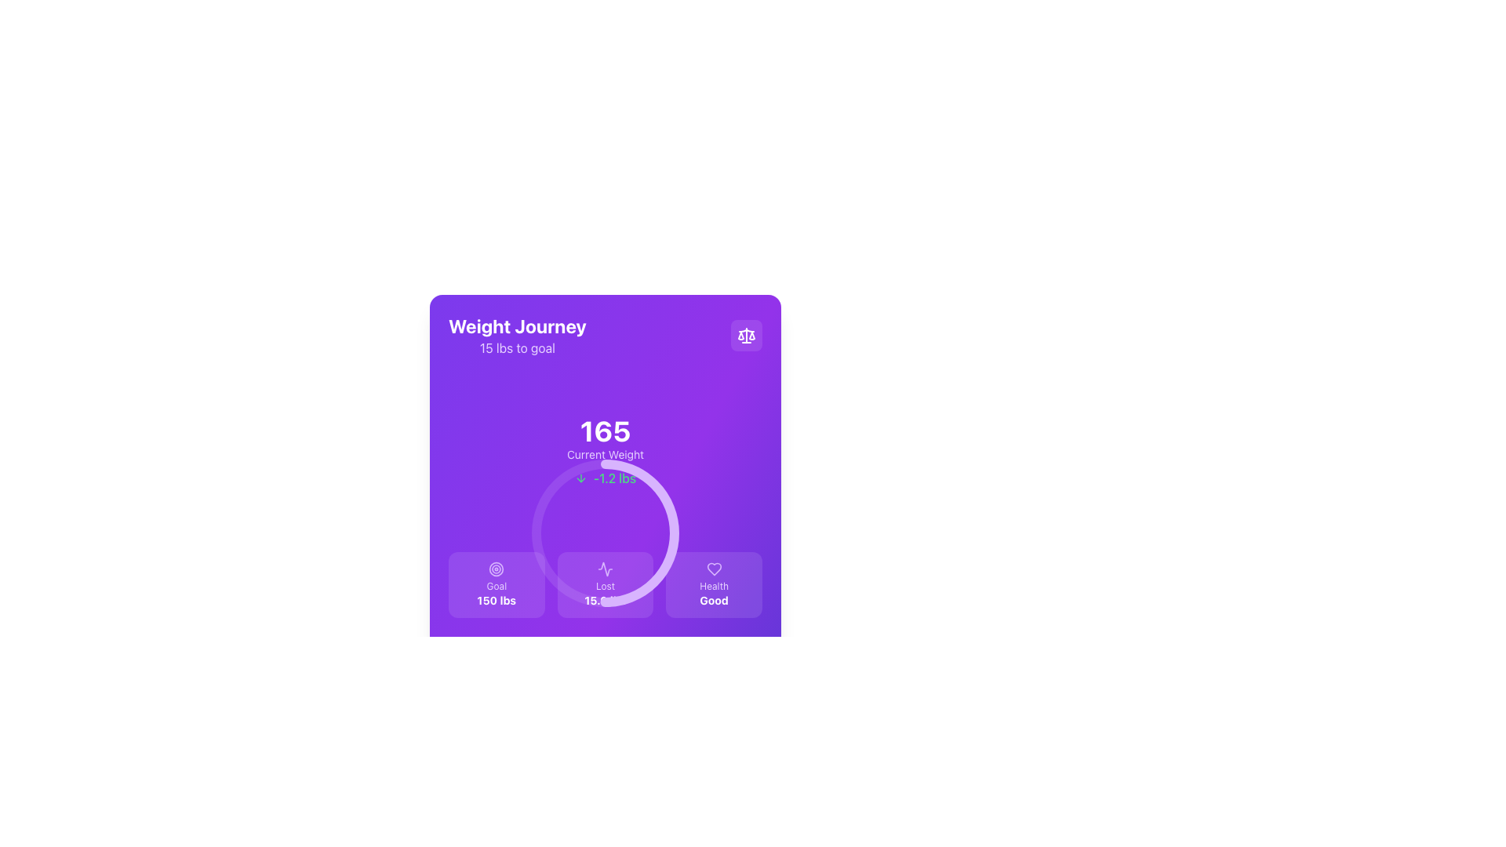 The image size is (1506, 847). Describe the element at coordinates (605, 532) in the screenshot. I see `the circular visual indicator representing progress or metric related to weight goals, located beneath the title '165' and above the buttons labeled 'Goal 150 lbs,' 'Lost 15 lbs,' and 'Health Good.'` at that location.